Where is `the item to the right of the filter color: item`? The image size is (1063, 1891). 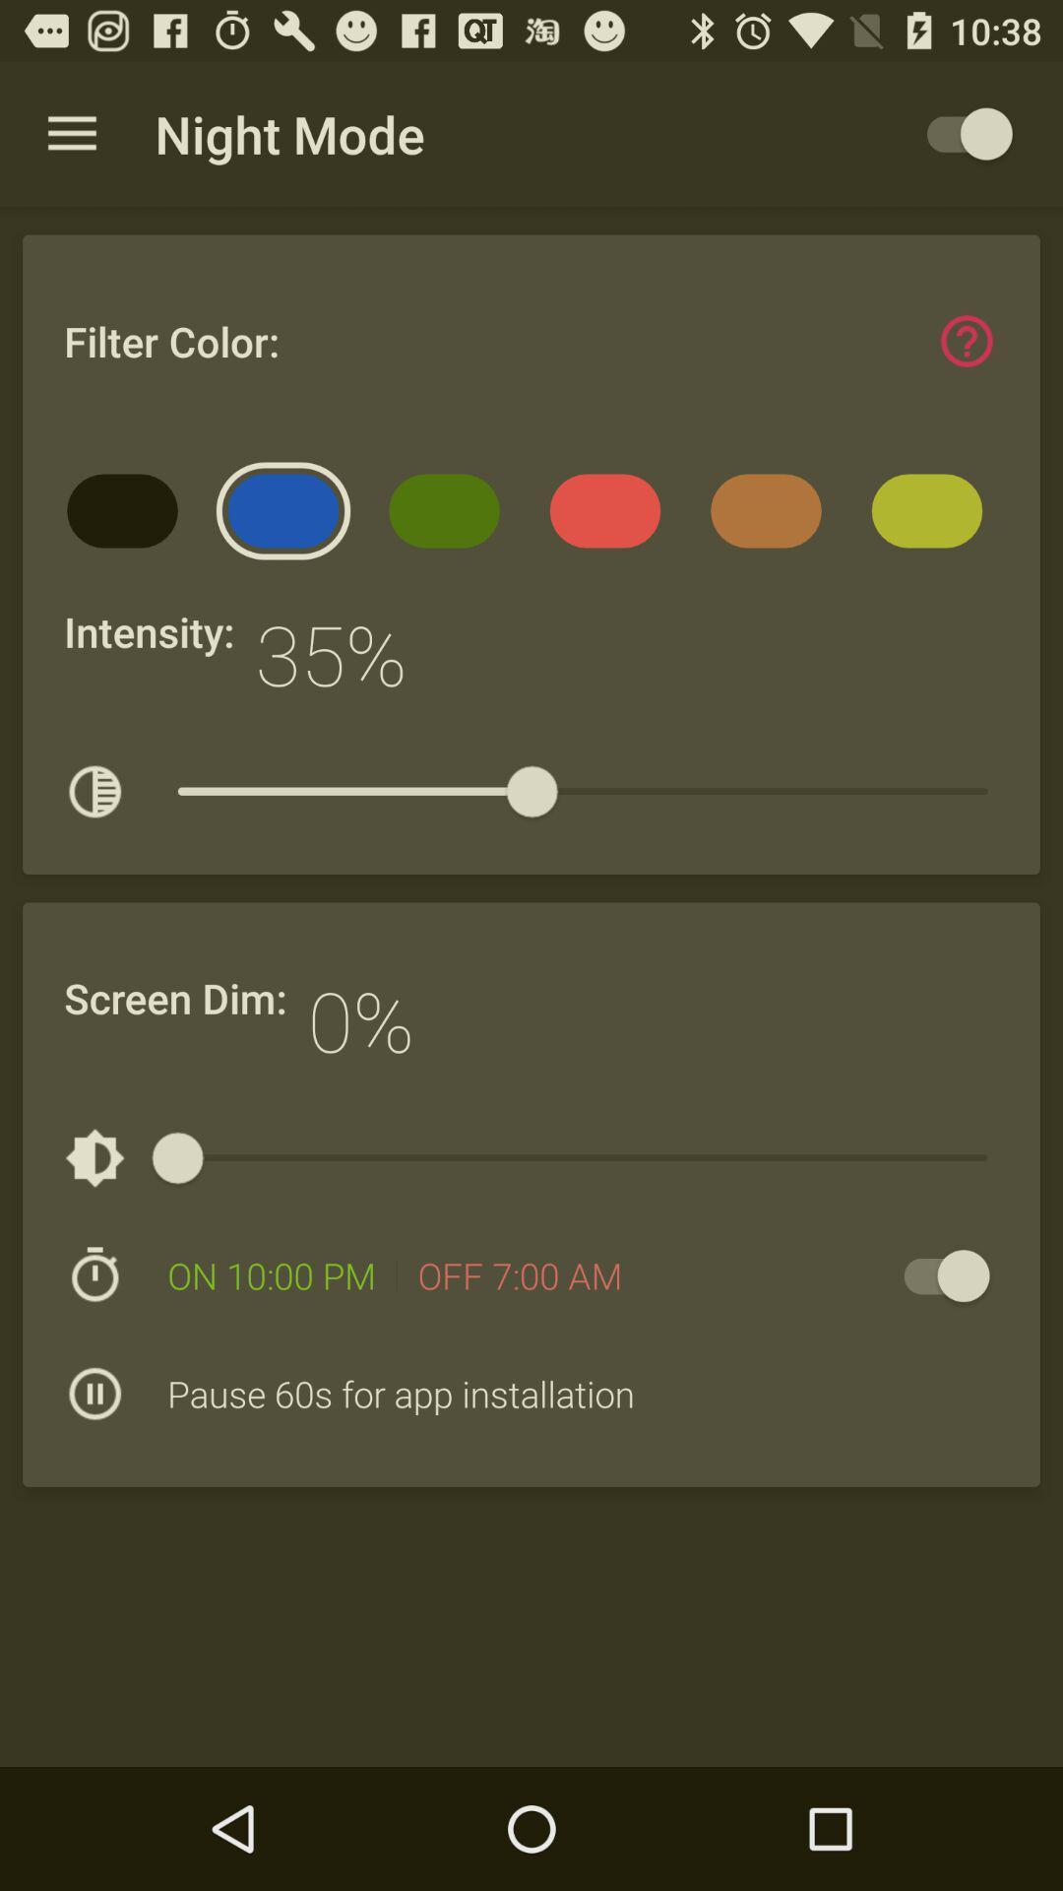 the item to the right of the filter color: item is located at coordinates (966, 341).